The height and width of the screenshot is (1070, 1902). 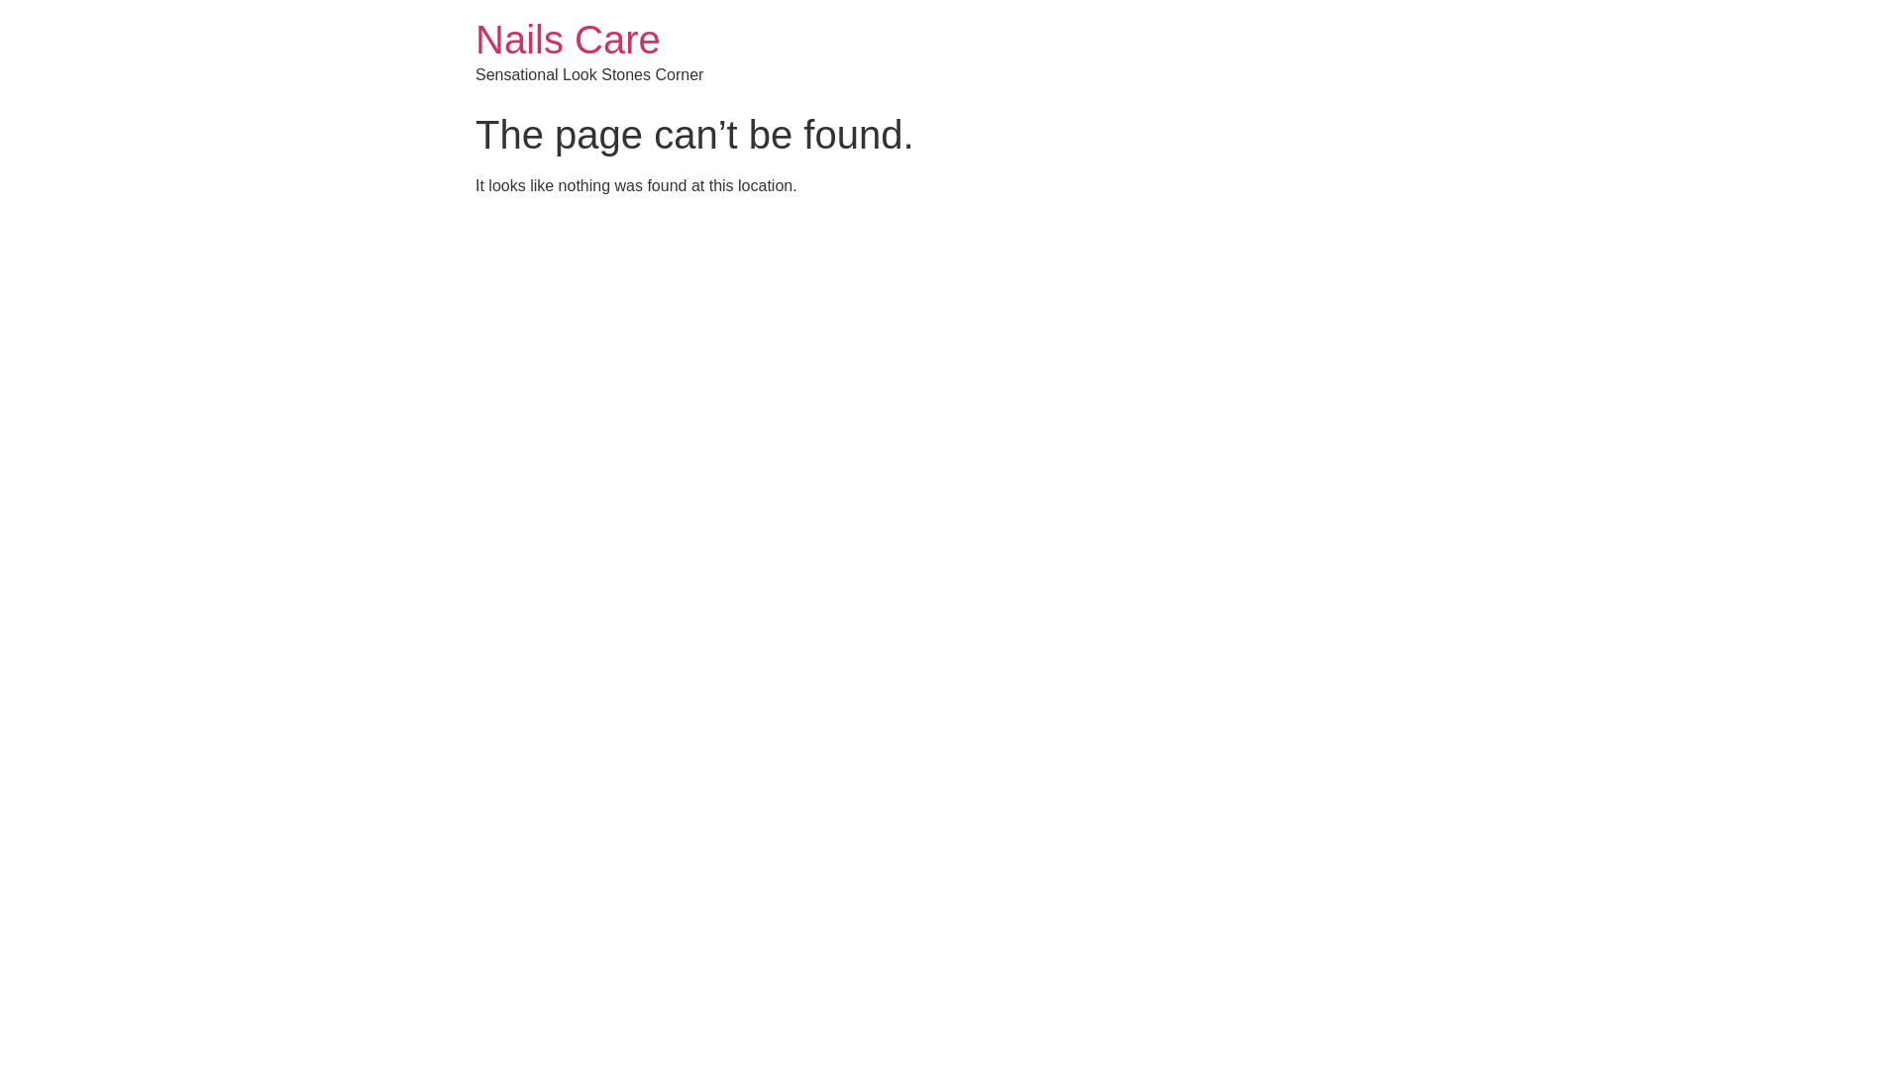 What do you see at coordinates (567, 39) in the screenshot?
I see `'Nails Care'` at bounding box center [567, 39].